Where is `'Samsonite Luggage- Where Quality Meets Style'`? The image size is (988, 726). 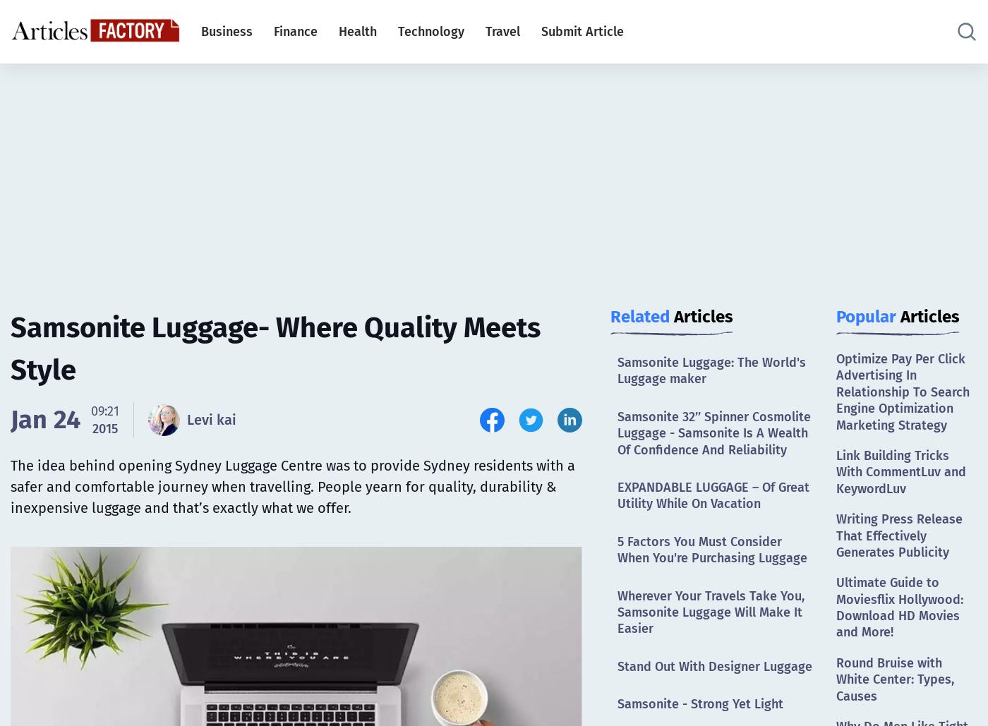
'Samsonite Luggage- Where Quality Meets Style' is located at coordinates (275, 349).